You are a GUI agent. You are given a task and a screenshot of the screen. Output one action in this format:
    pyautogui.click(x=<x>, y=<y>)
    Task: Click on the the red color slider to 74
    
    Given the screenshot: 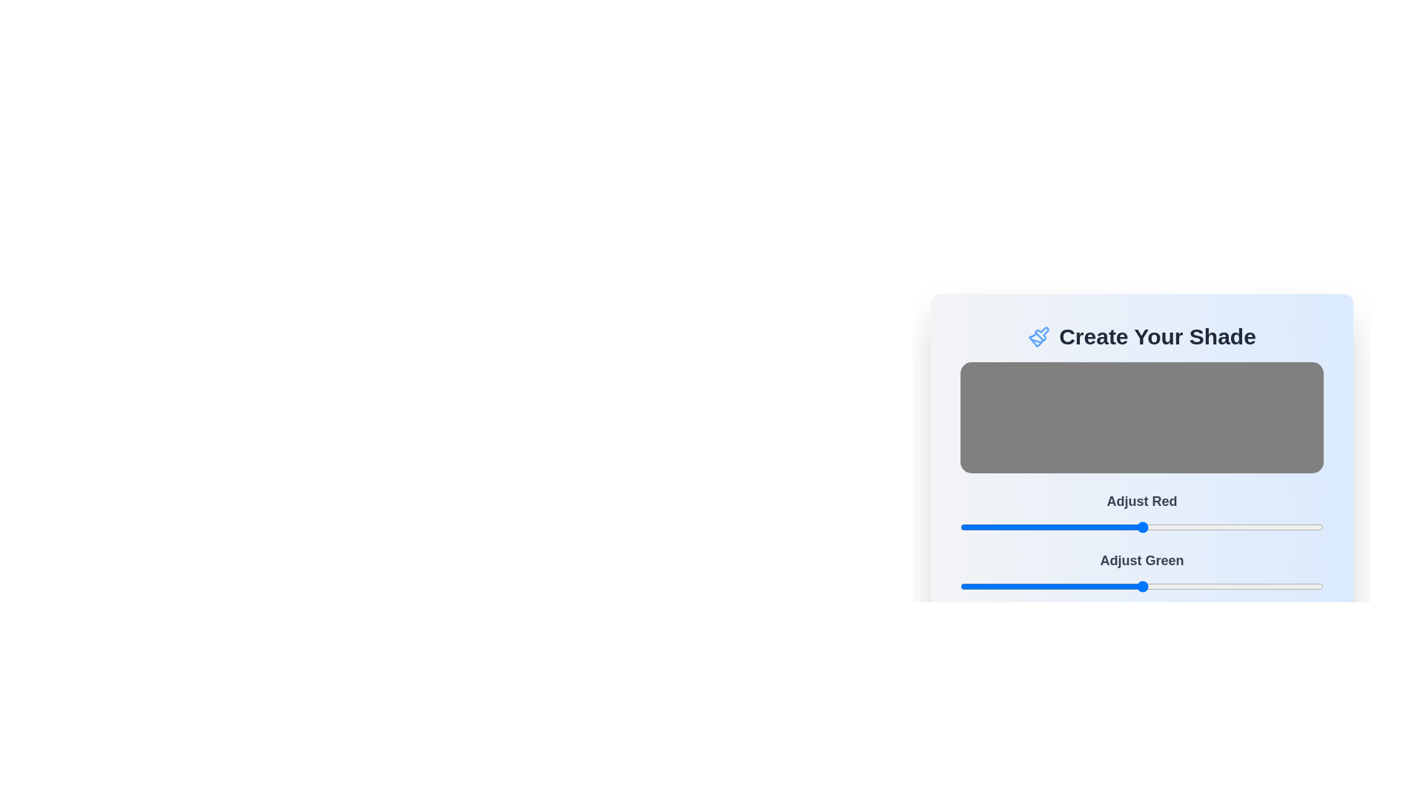 What is the action you would take?
    pyautogui.click(x=1065, y=527)
    